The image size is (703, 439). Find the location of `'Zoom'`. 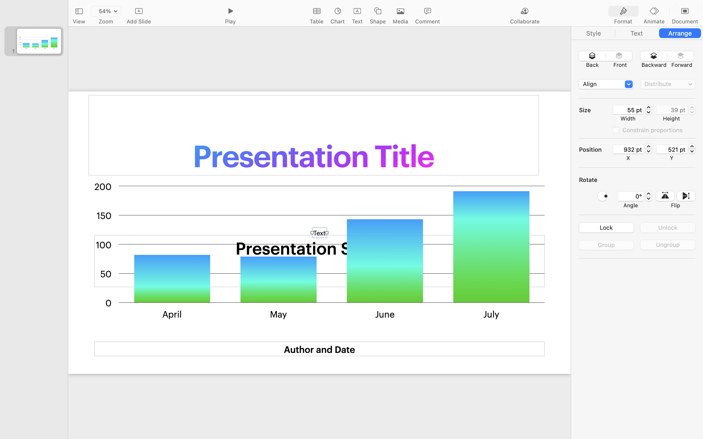

'Zoom' is located at coordinates (106, 21).